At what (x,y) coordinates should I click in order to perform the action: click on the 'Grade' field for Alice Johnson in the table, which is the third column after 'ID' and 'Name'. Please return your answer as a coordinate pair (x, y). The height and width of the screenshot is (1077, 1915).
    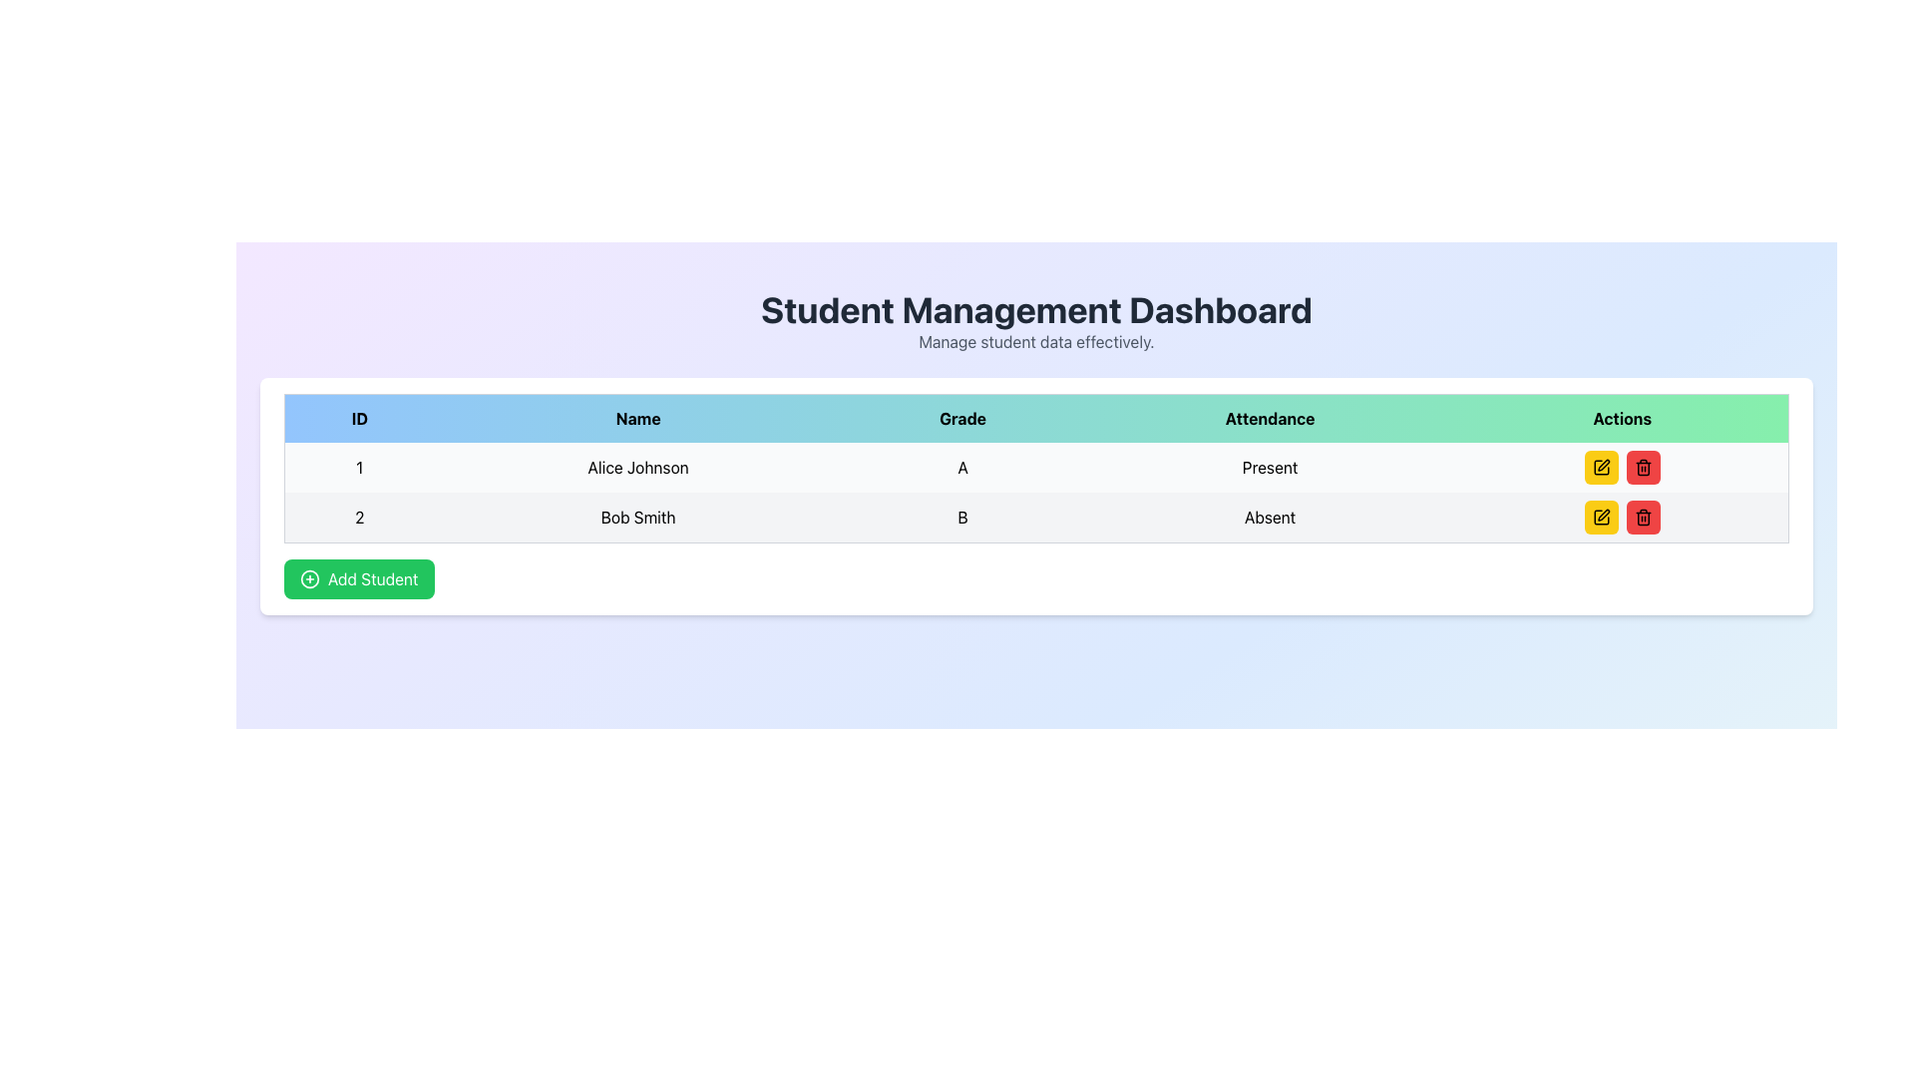
    Looking at the image, I should click on (962, 468).